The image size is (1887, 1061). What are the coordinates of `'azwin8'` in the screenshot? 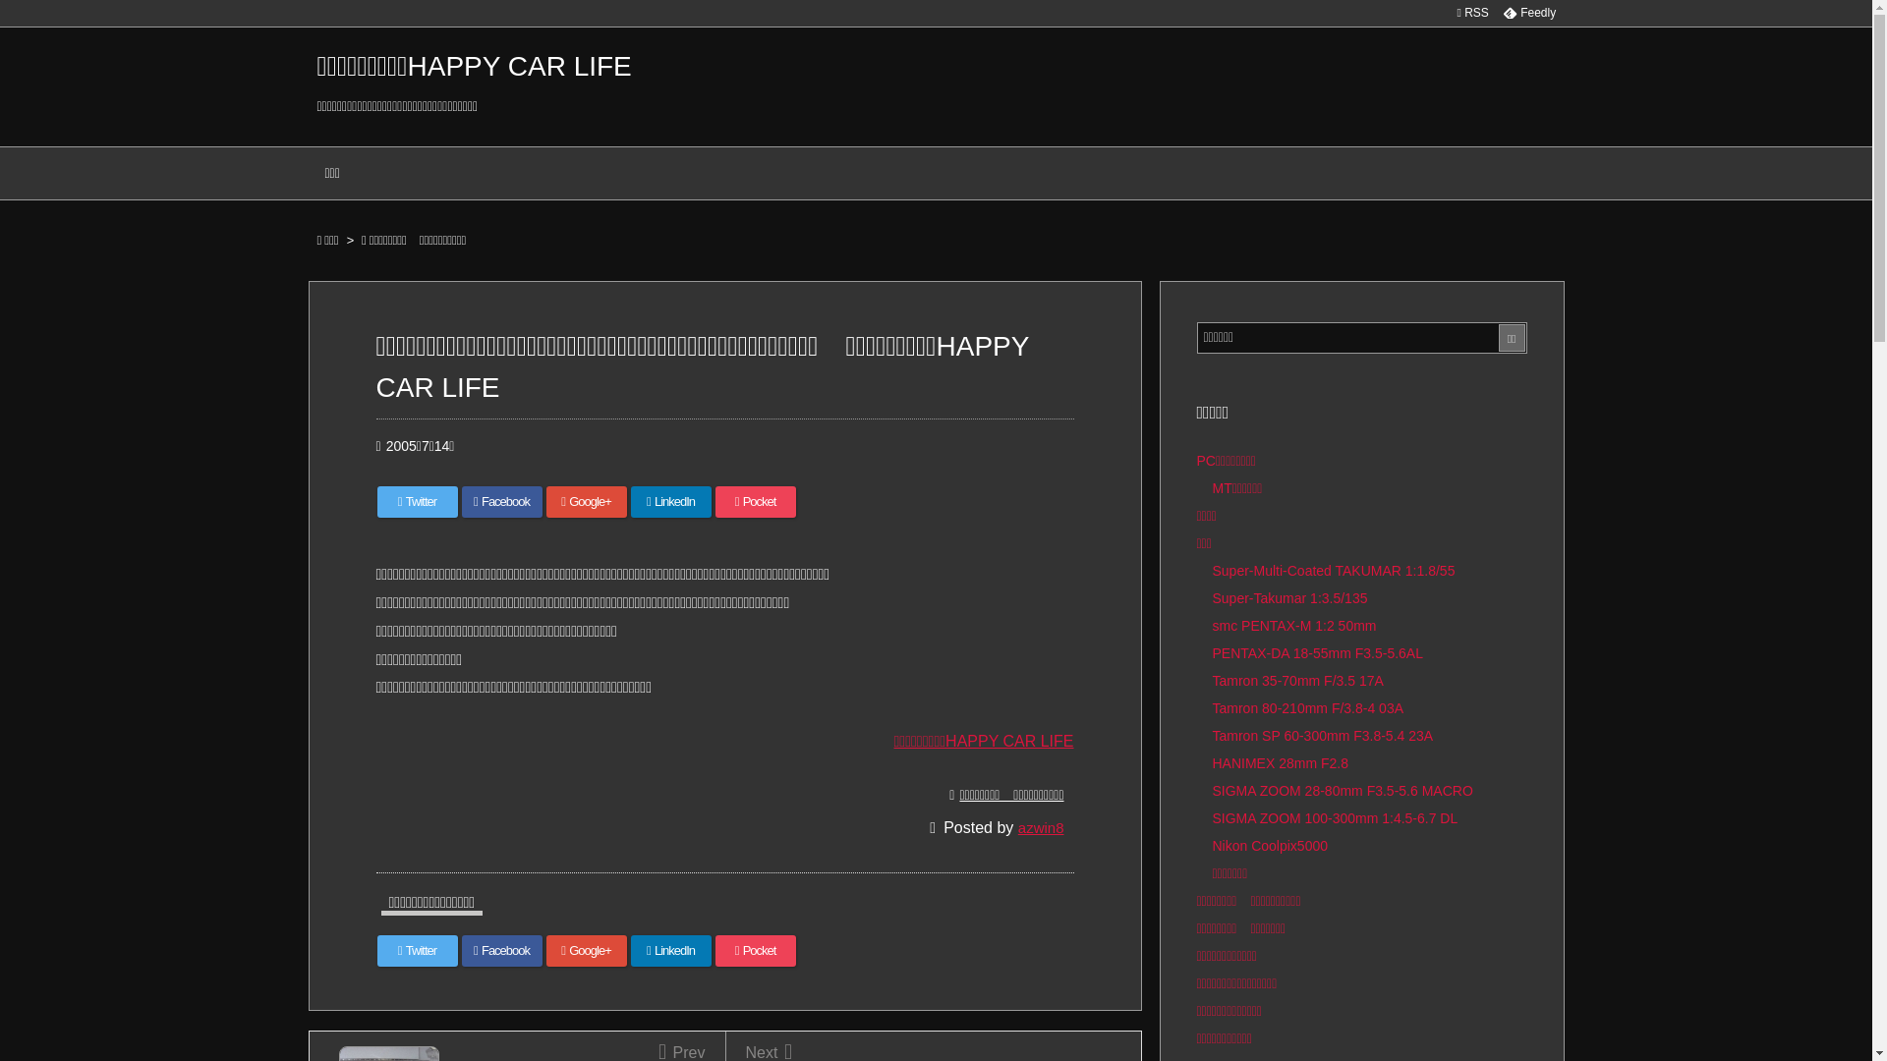 It's located at (1040, 827).